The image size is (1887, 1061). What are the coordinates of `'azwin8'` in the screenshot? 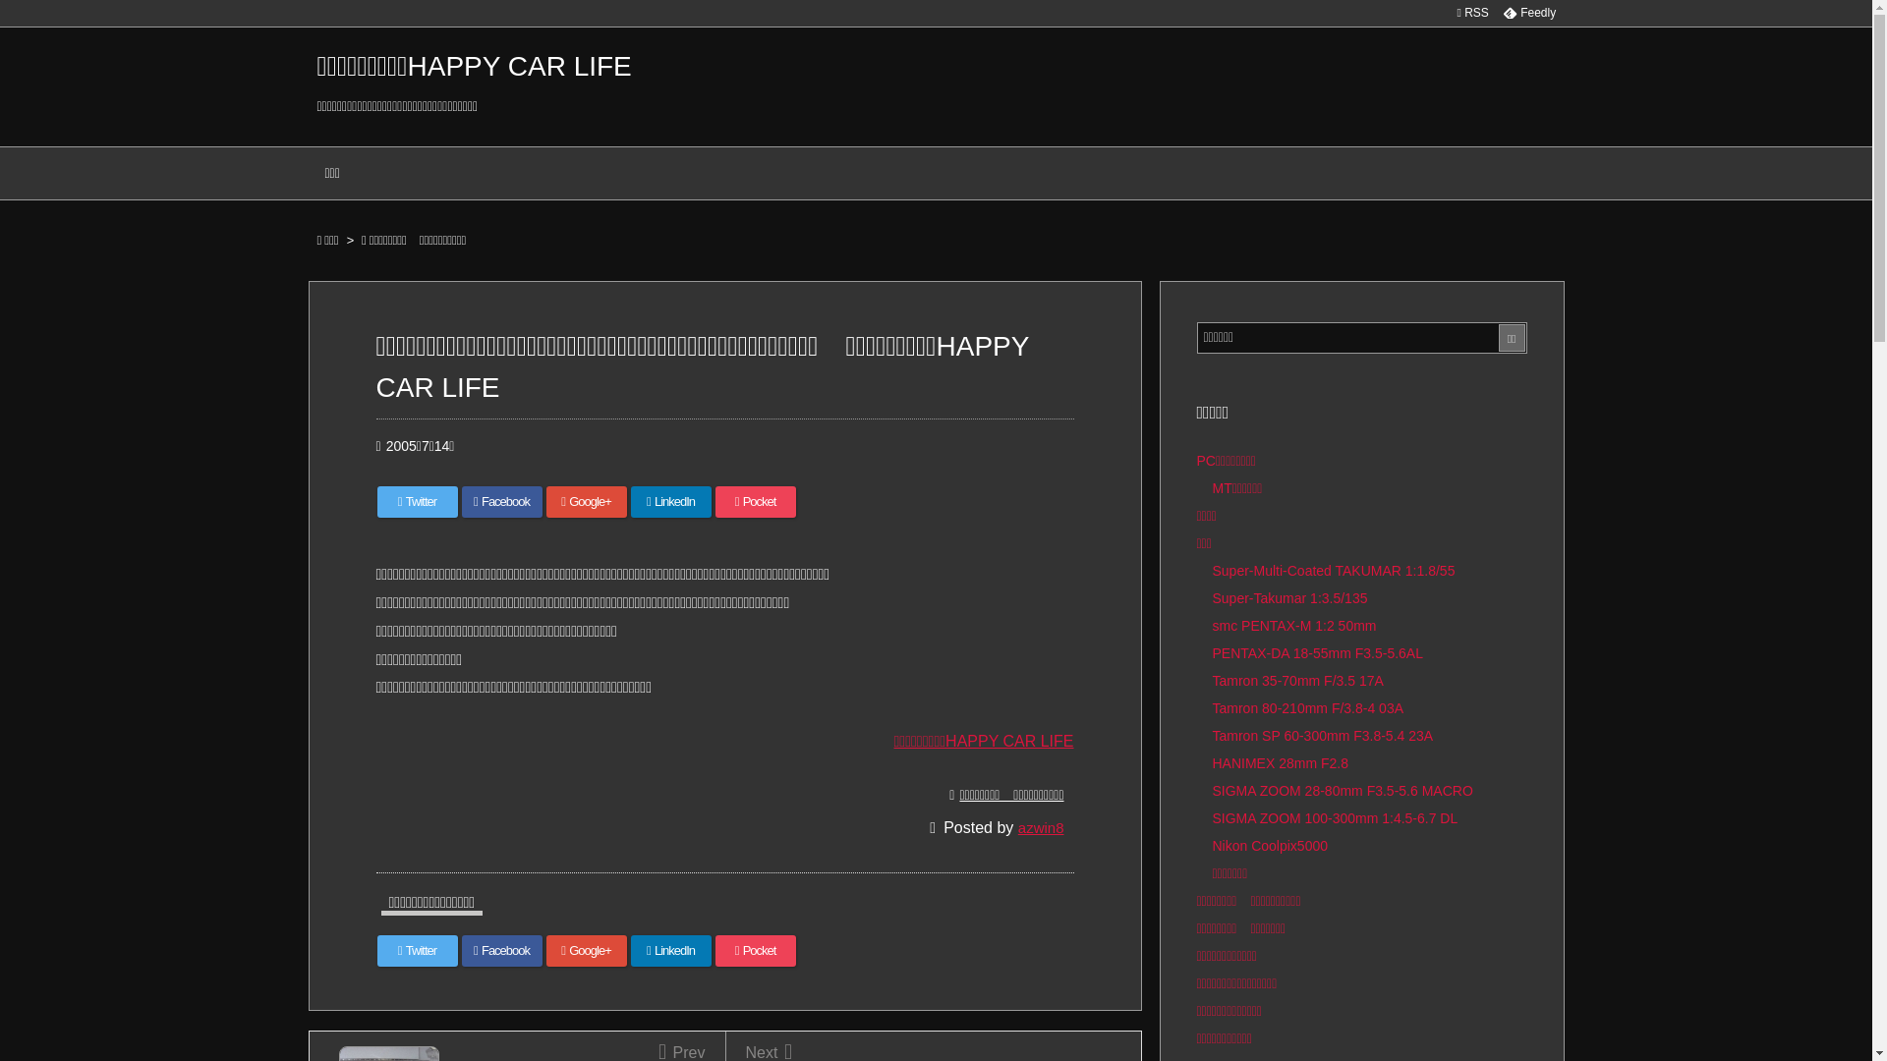 It's located at (1040, 827).